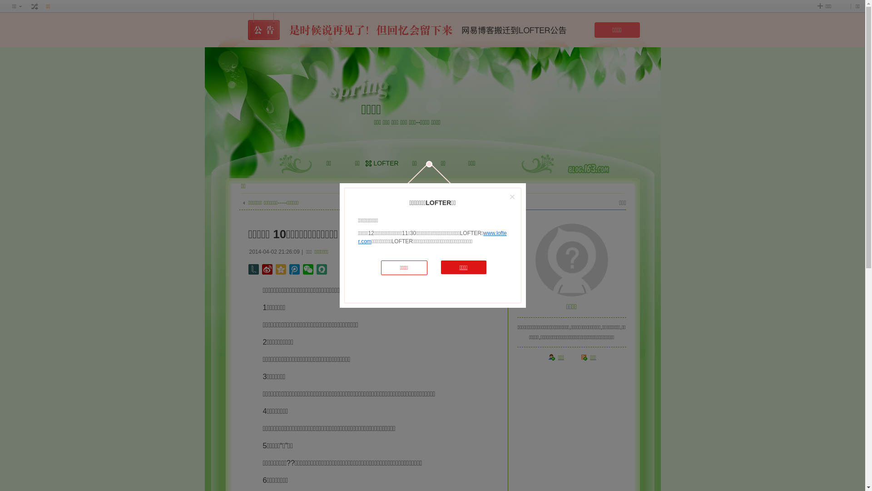 Image resolution: width=872 pixels, height=491 pixels. I want to click on 'www.lofter.com', so click(431, 236).